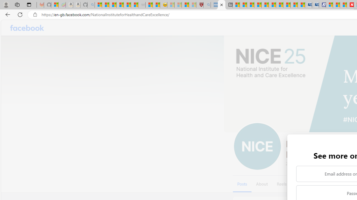  I want to click on 'New Report Confirms 2023 Was Record Hot | Watch', so click(127, 5).